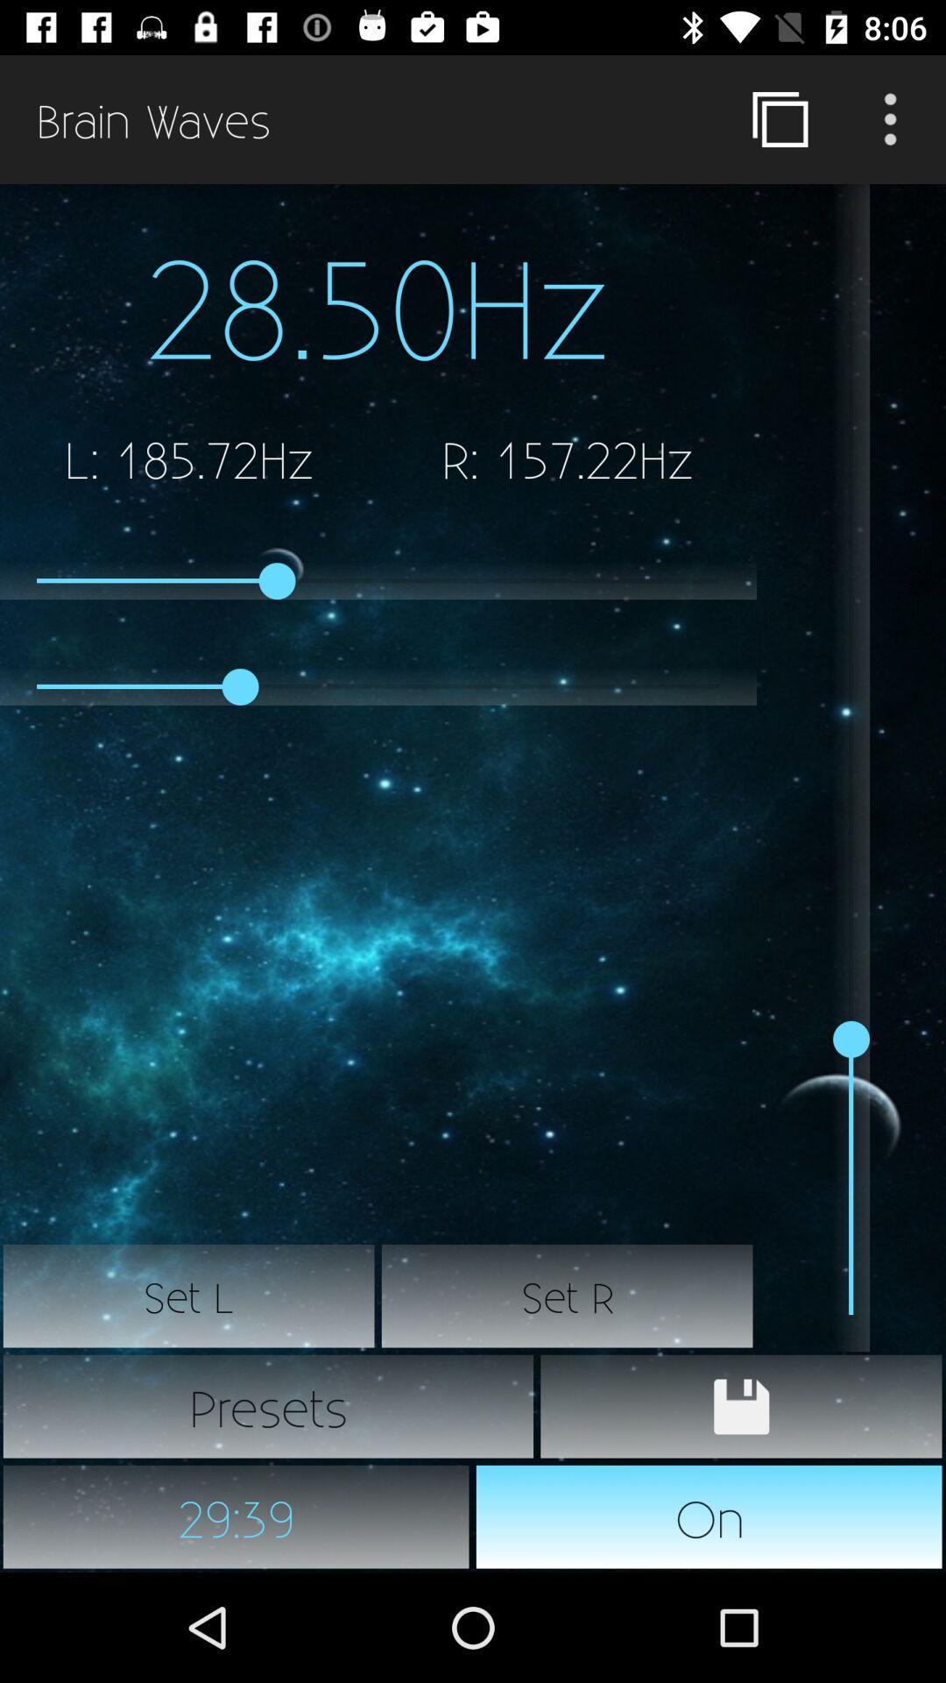 The height and width of the screenshot is (1683, 946). I want to click on item below the set l icon, so click(268, 1406).